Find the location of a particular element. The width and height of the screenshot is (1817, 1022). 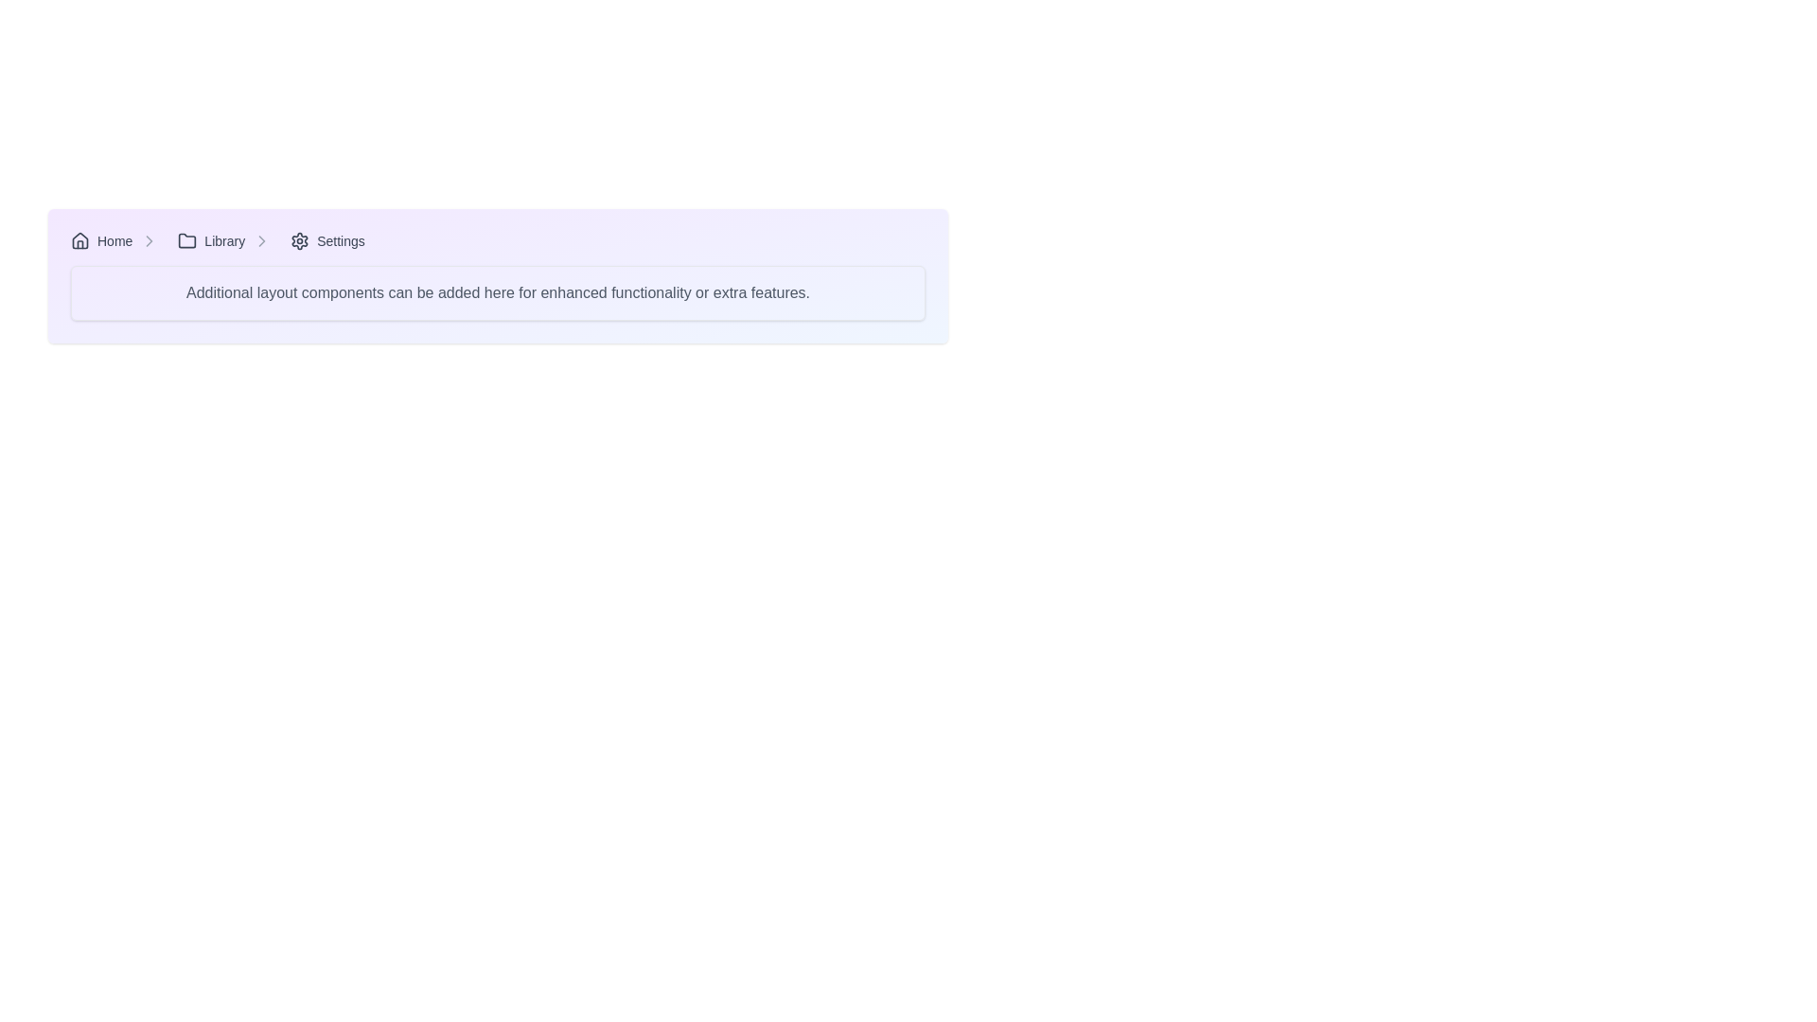

the right-facing chevron-shaped arrow in the breadcrumb navigation bar, which is located between 'Library' and another breadcrumb indicator is located at coordinates (149, 239).